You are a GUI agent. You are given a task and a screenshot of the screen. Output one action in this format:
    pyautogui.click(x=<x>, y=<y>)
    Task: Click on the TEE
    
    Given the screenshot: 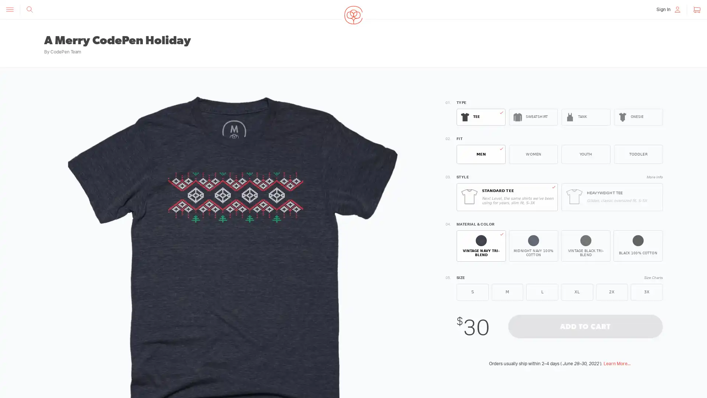 What is the action you would take?
    pyautogui.click(x=481, y=116)
    